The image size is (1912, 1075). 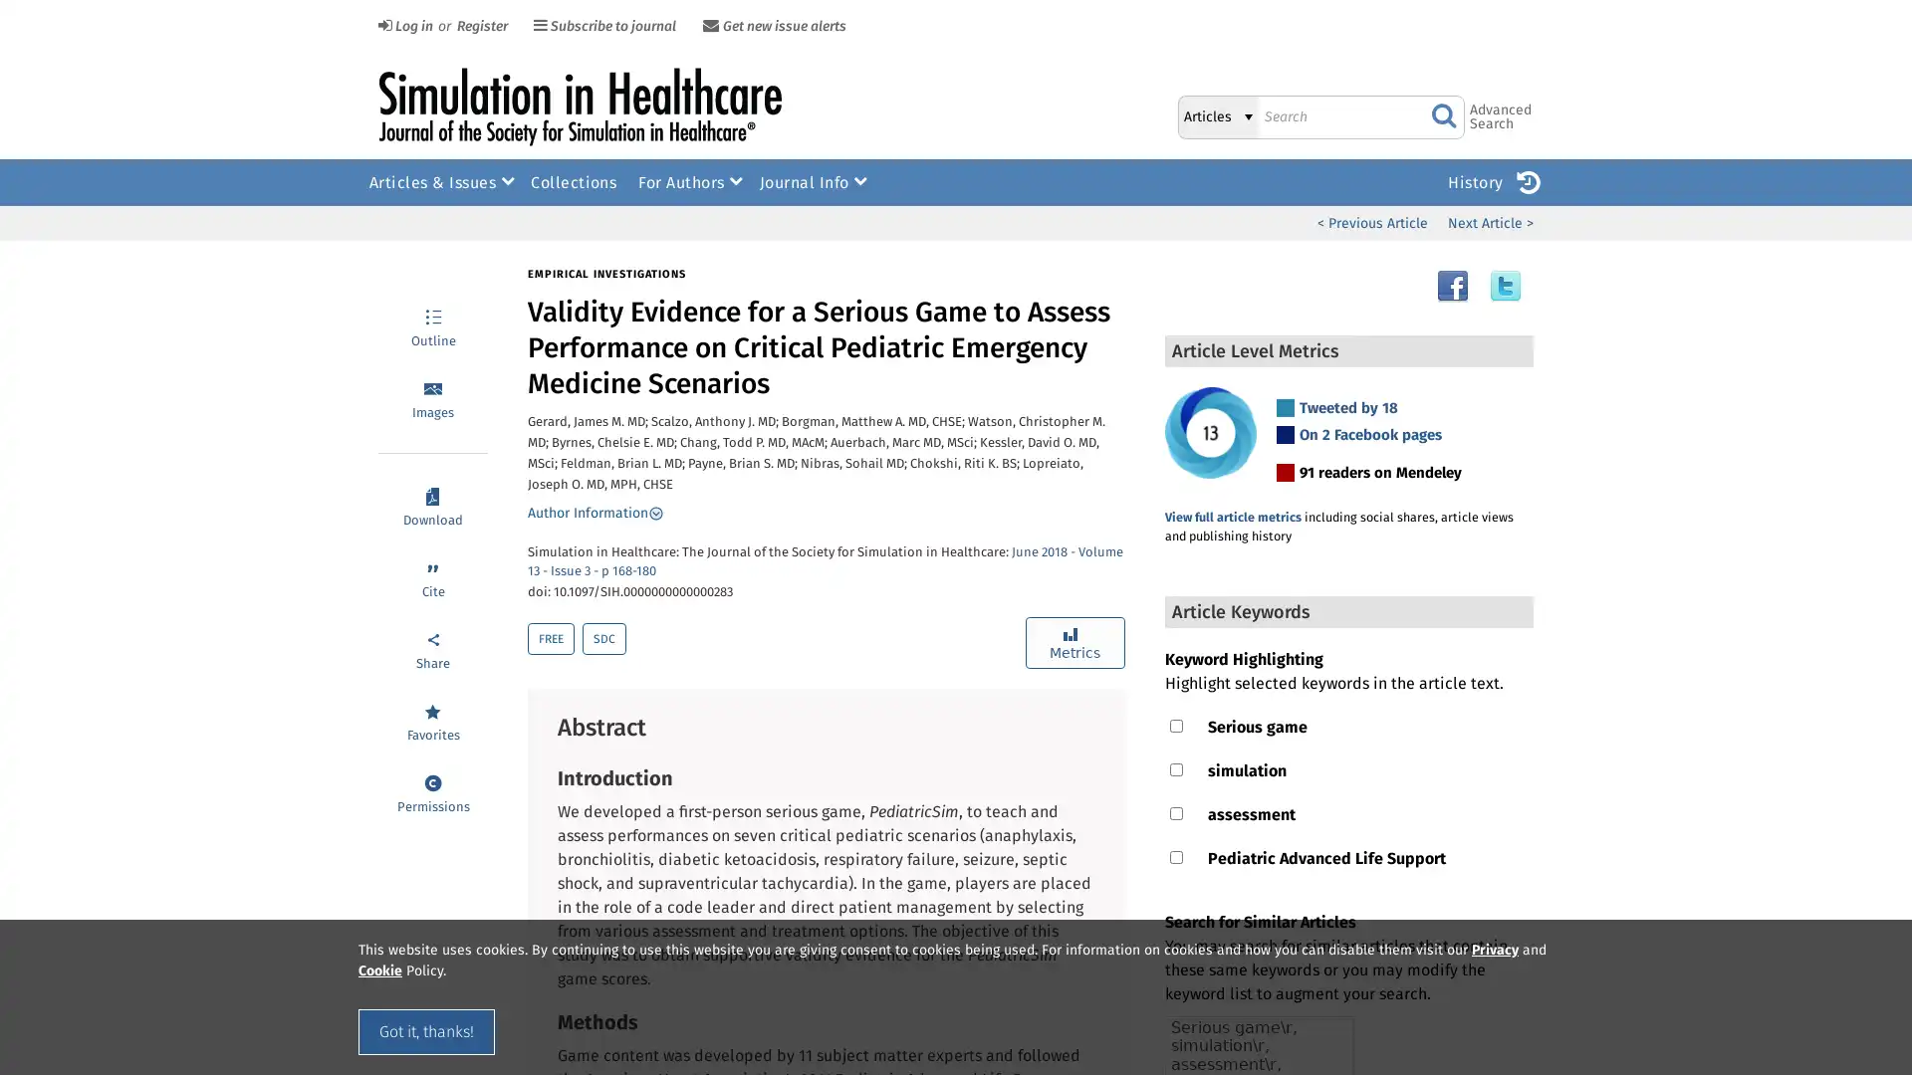 I want to click on Share, so click(x=432, y=648).